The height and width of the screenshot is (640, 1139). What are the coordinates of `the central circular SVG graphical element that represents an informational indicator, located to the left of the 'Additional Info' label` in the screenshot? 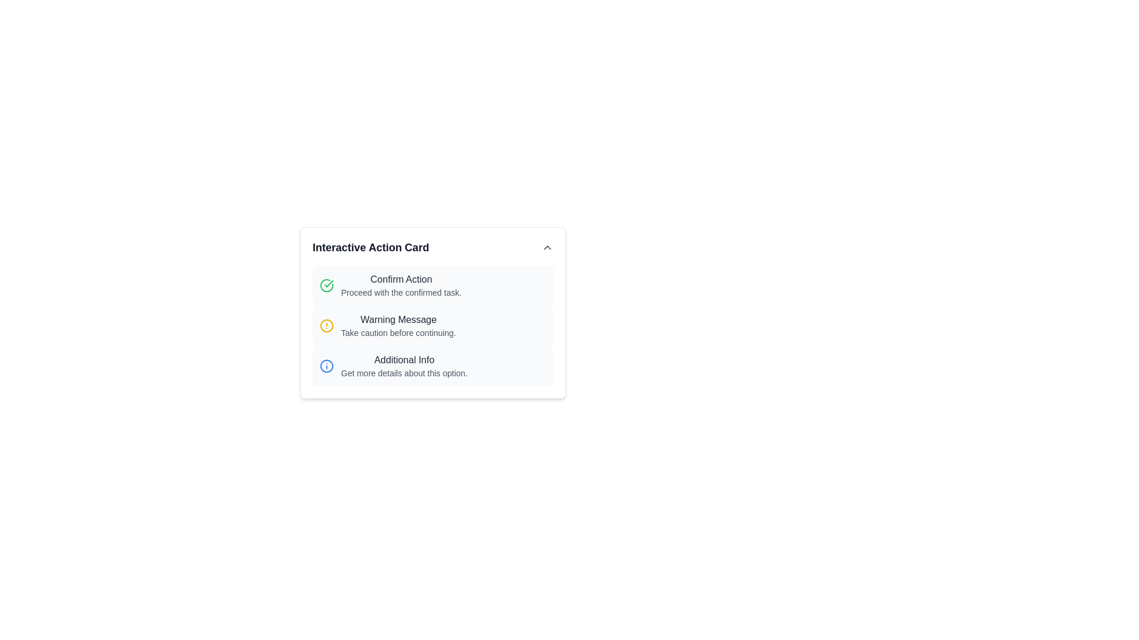 It's located at (327, 365).